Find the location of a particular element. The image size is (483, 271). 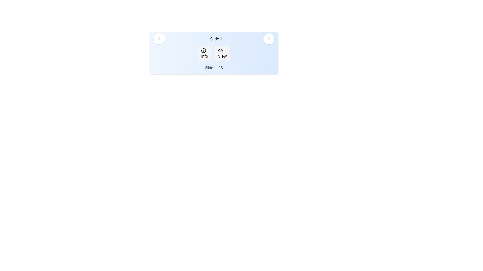

the 'View' button icon, which signifies an action to preview or visualize content, located within a horizontally aligned group of buttons on 'Slide 1' is located at coordinates (220, 50).